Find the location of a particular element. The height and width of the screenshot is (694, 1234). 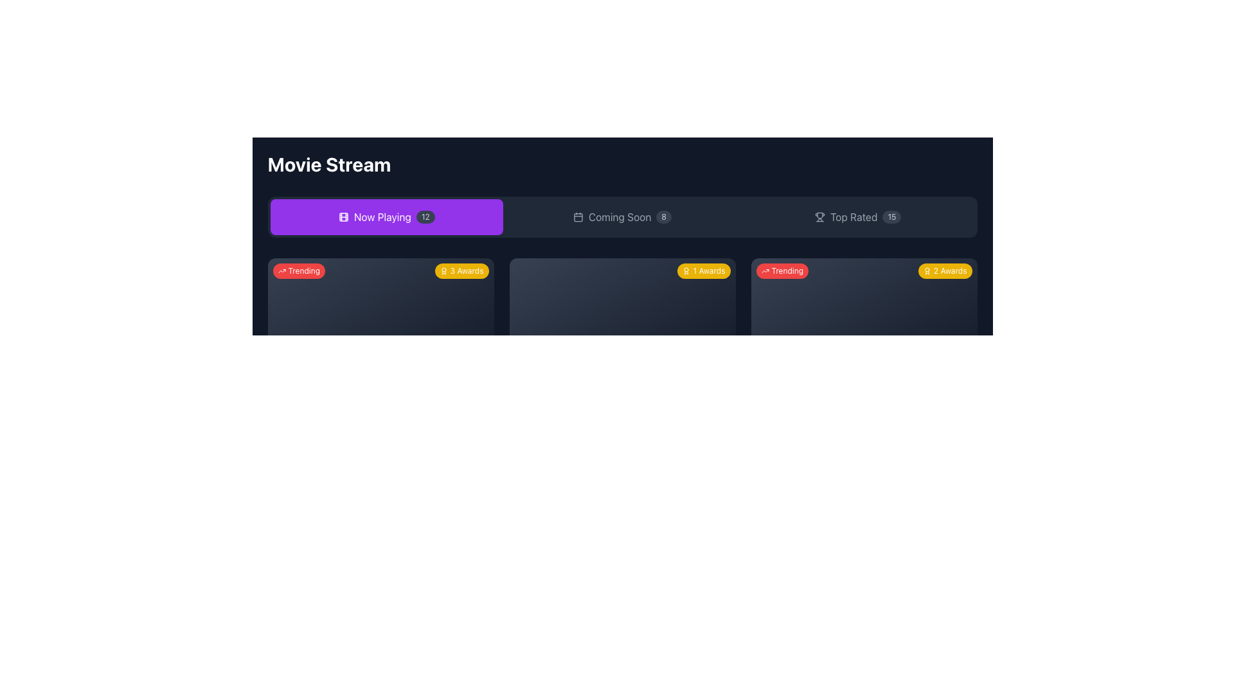

the 'Coming Soon' button that has a calendar icon and a numerical badge '8' to interact with it is located at coordinates (622, 217).